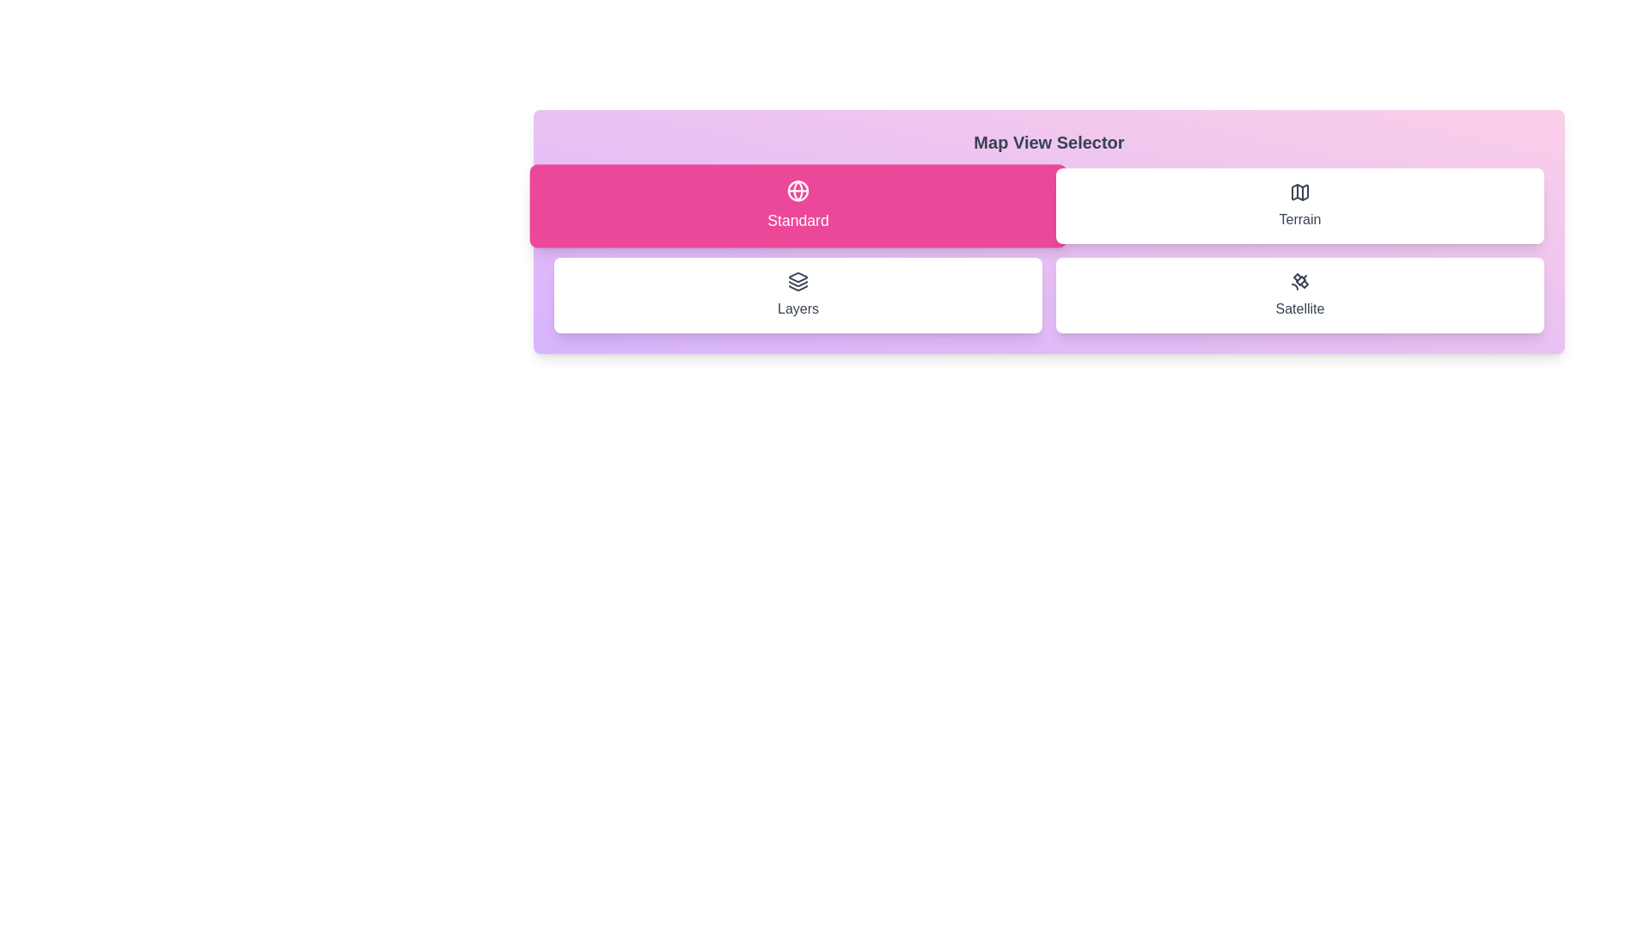 The width and height of the screenshot is (1650, 928). What do you see at coordinates (797, 294) in the screenshot?
I see `the button corresponding to the map view option Layers` at bounding box center [797, 294].